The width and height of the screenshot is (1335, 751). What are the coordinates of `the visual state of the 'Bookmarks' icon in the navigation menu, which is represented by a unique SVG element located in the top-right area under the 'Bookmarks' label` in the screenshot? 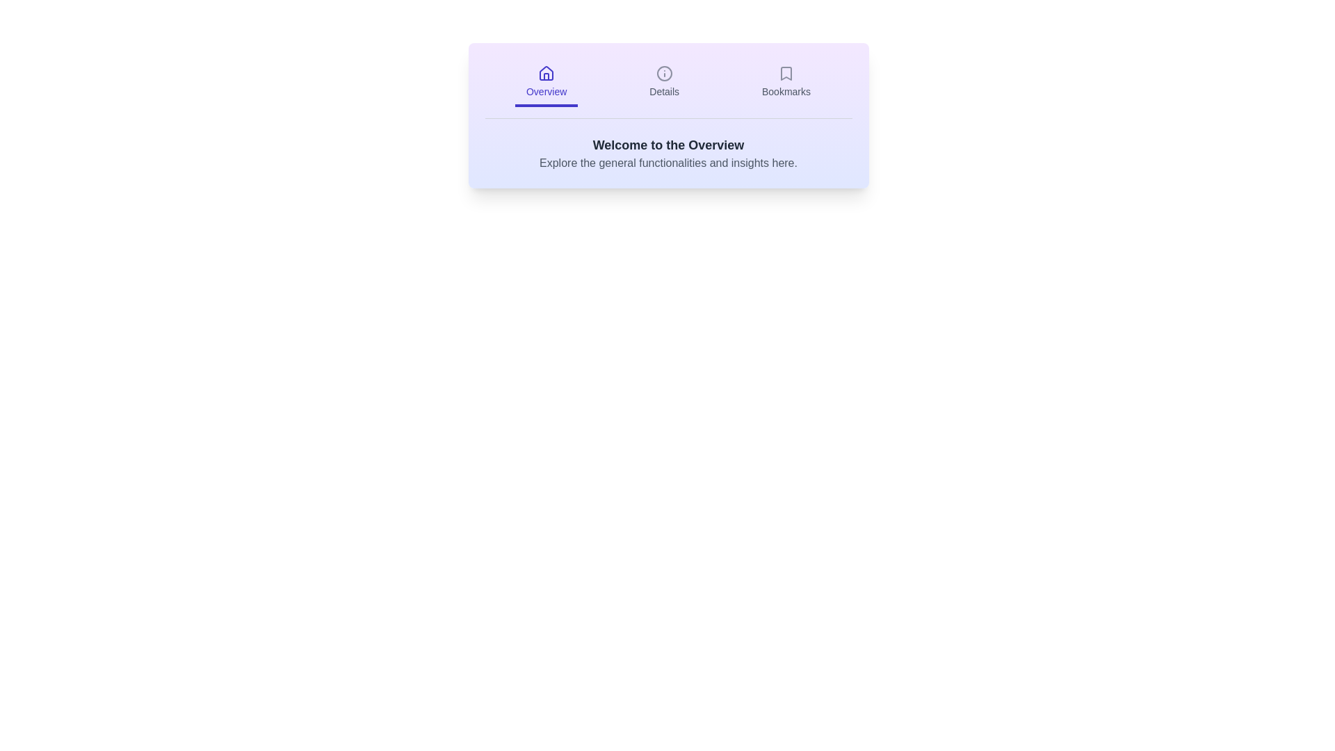 It's located at (786, 73).